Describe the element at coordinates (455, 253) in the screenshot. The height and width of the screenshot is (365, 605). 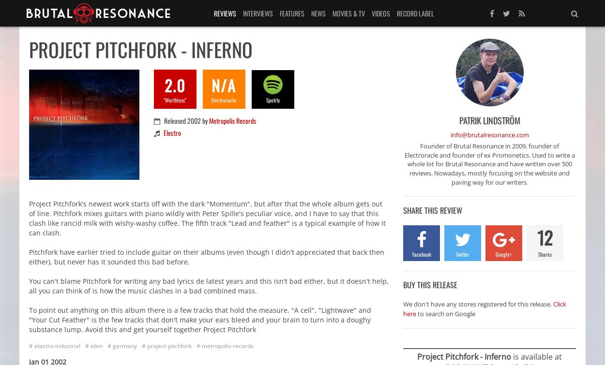
I see `'Twitter'` at that location.